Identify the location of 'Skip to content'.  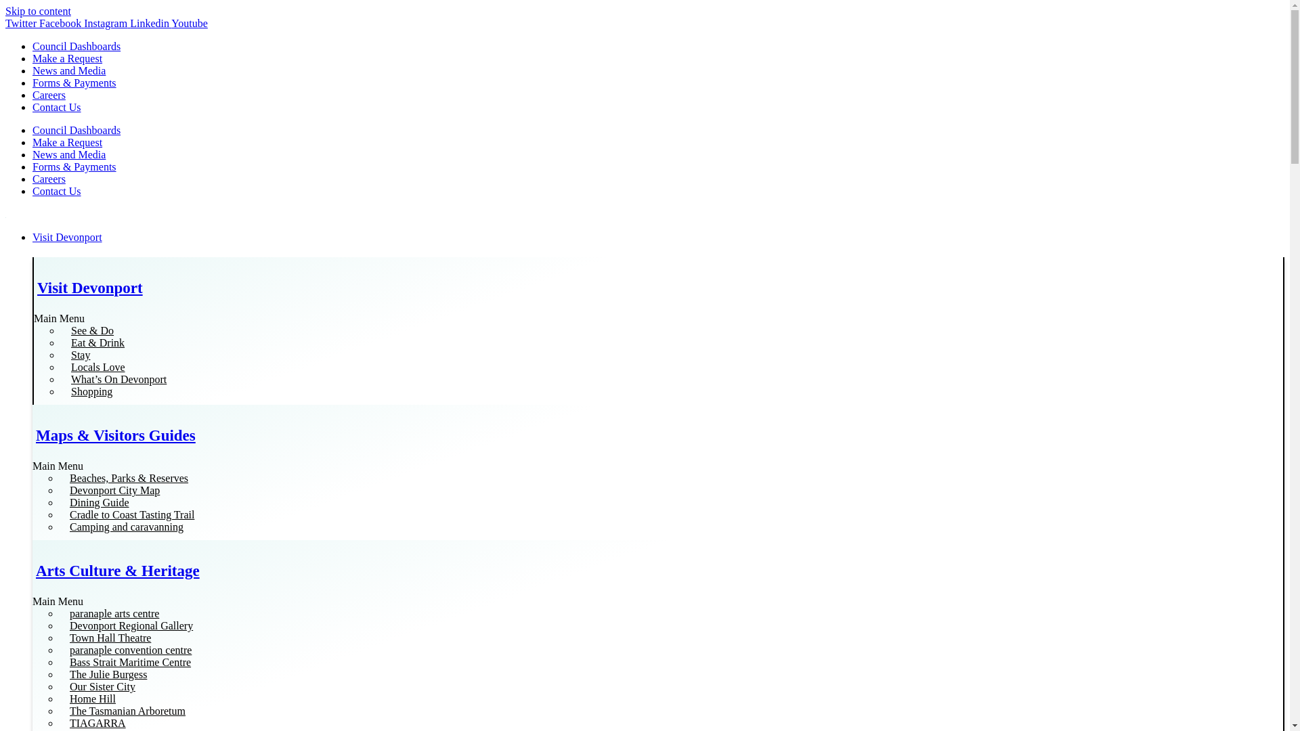
(5, 11).